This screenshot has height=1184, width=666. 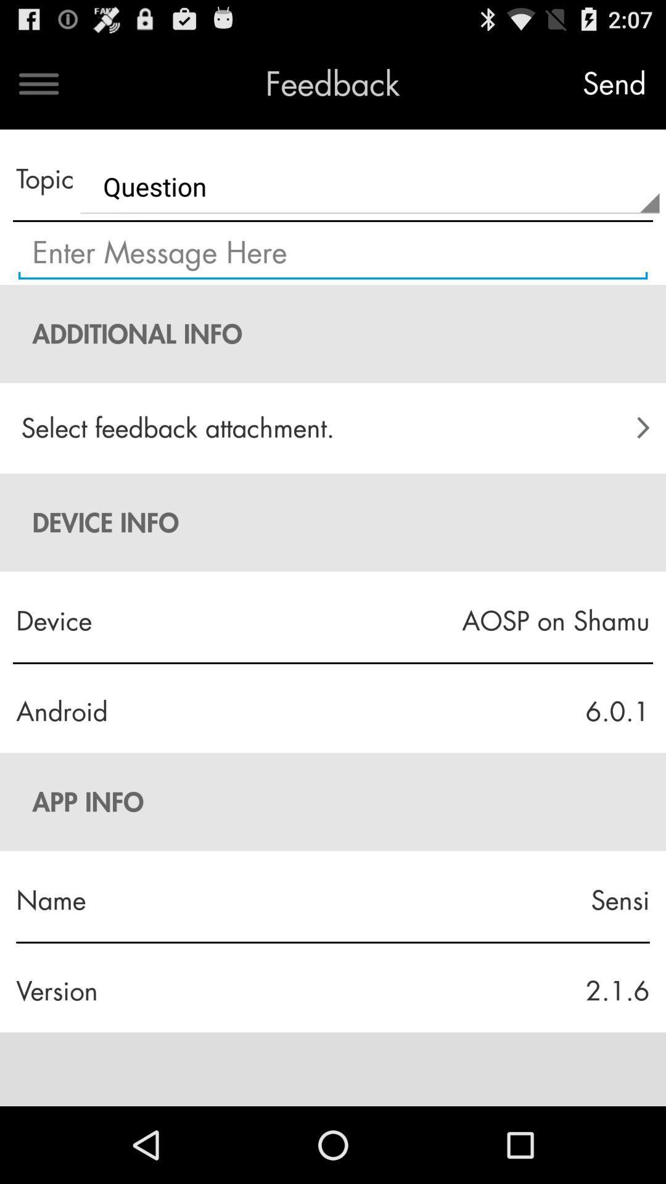 I want to click on write message, so click(x=333, y=253).